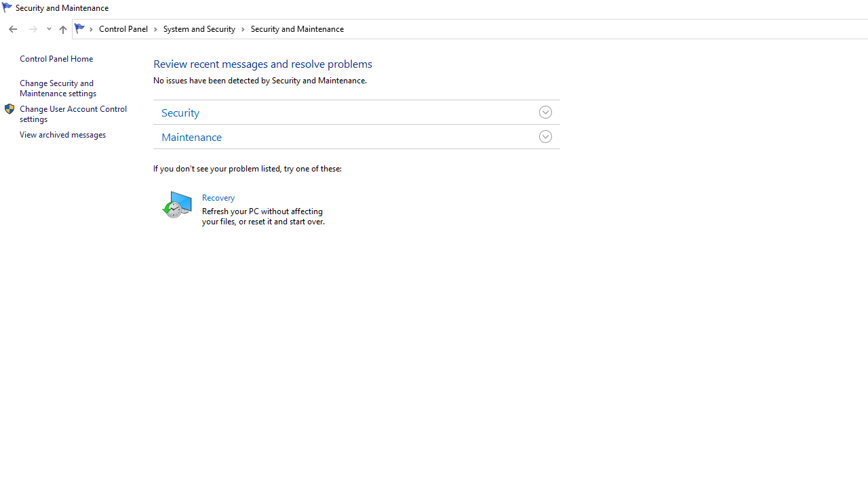  I want to click on 'Toggle Maintenance Group', so click(545, 136).